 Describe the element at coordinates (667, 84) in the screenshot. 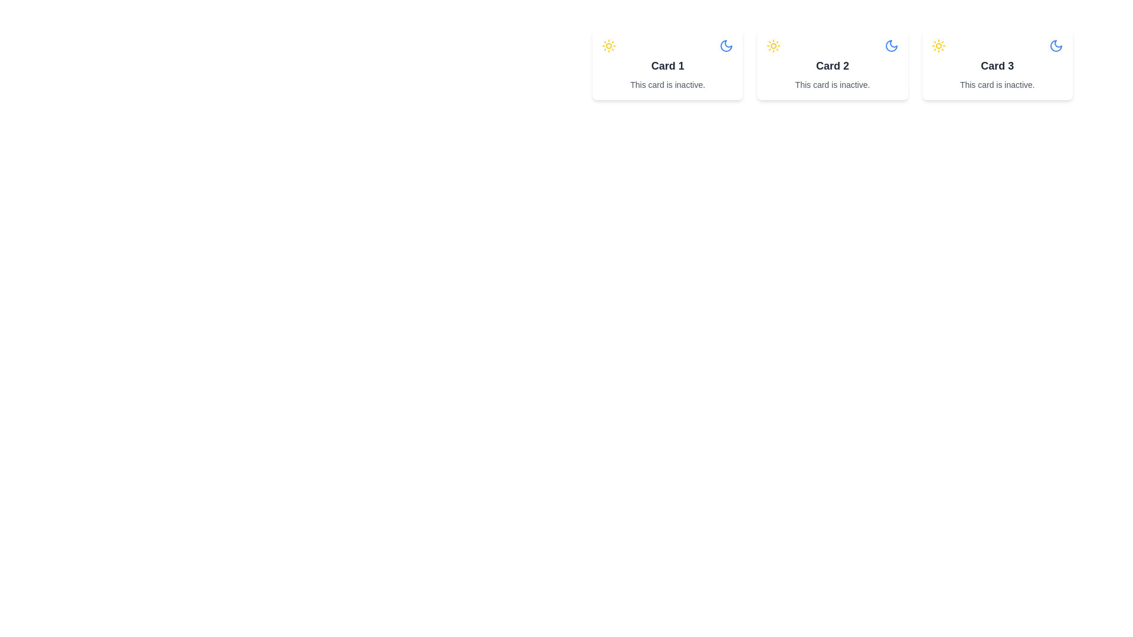

I see `text label stating 'This card is inactive.' located at the bottom of 'Card 1'` at that location.